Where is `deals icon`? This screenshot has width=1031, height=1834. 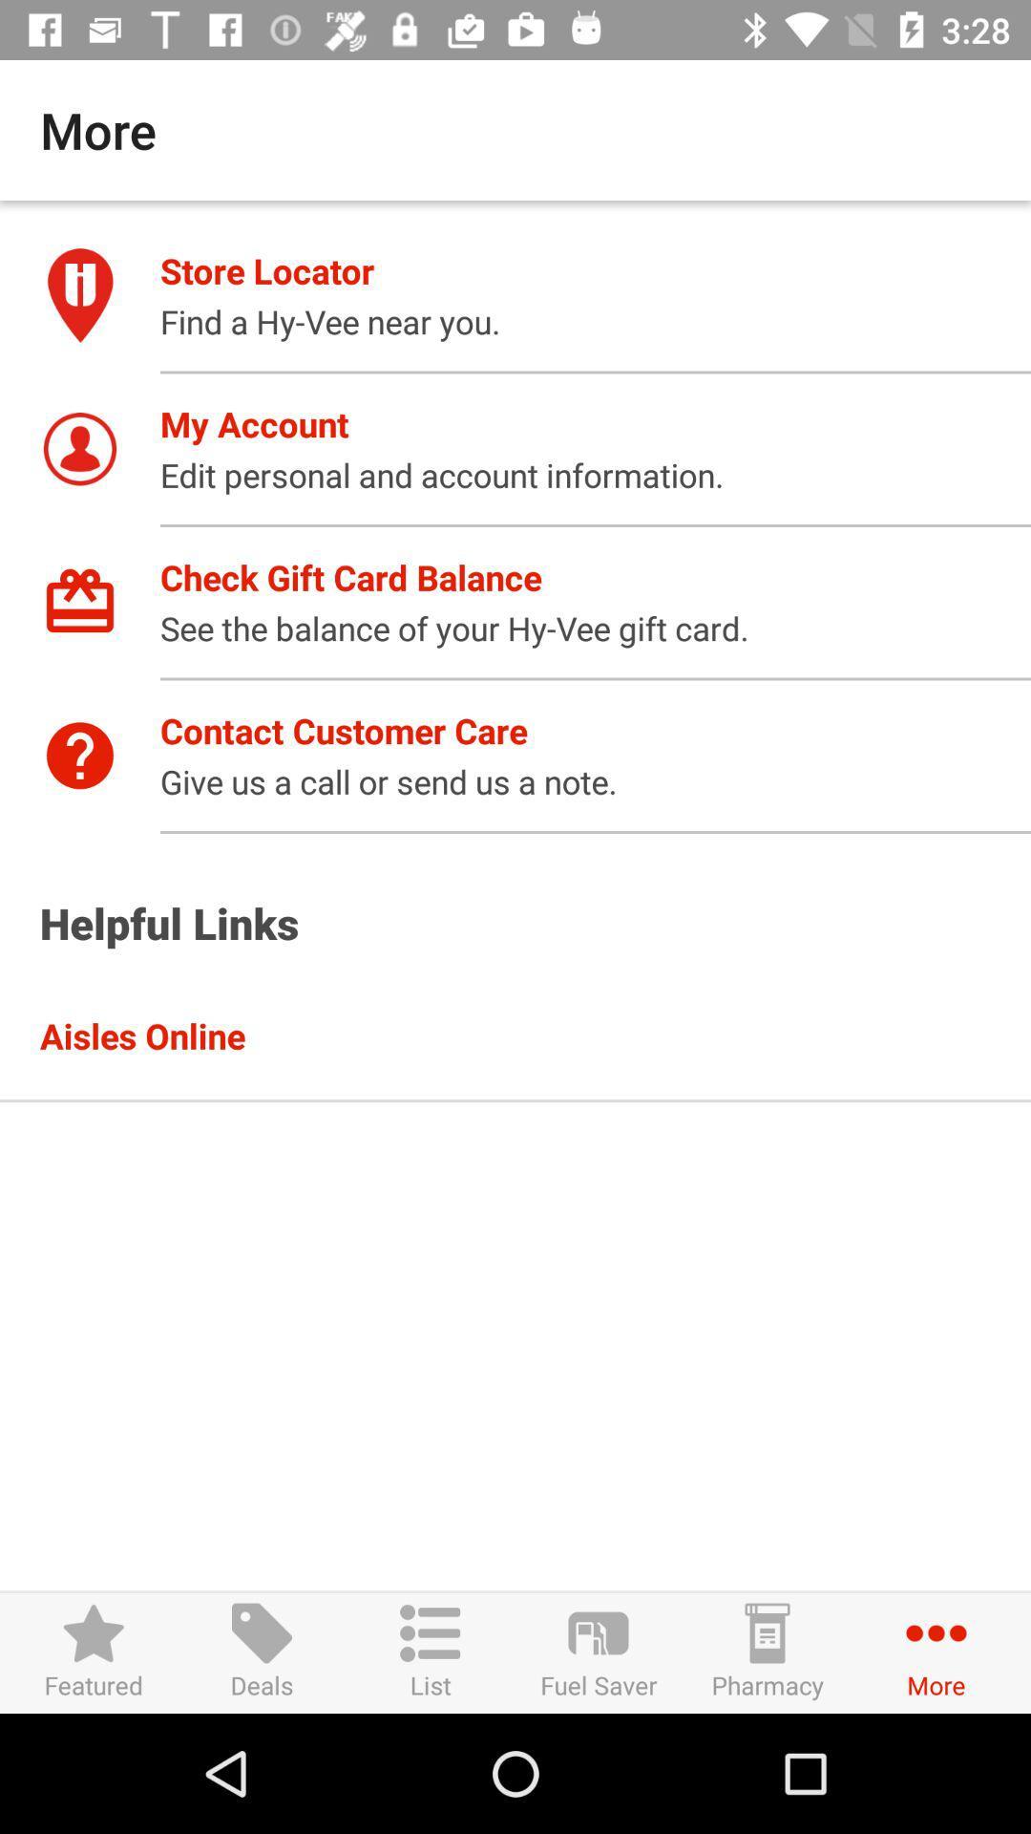 deals icon is located at coordinates (262, 1652).